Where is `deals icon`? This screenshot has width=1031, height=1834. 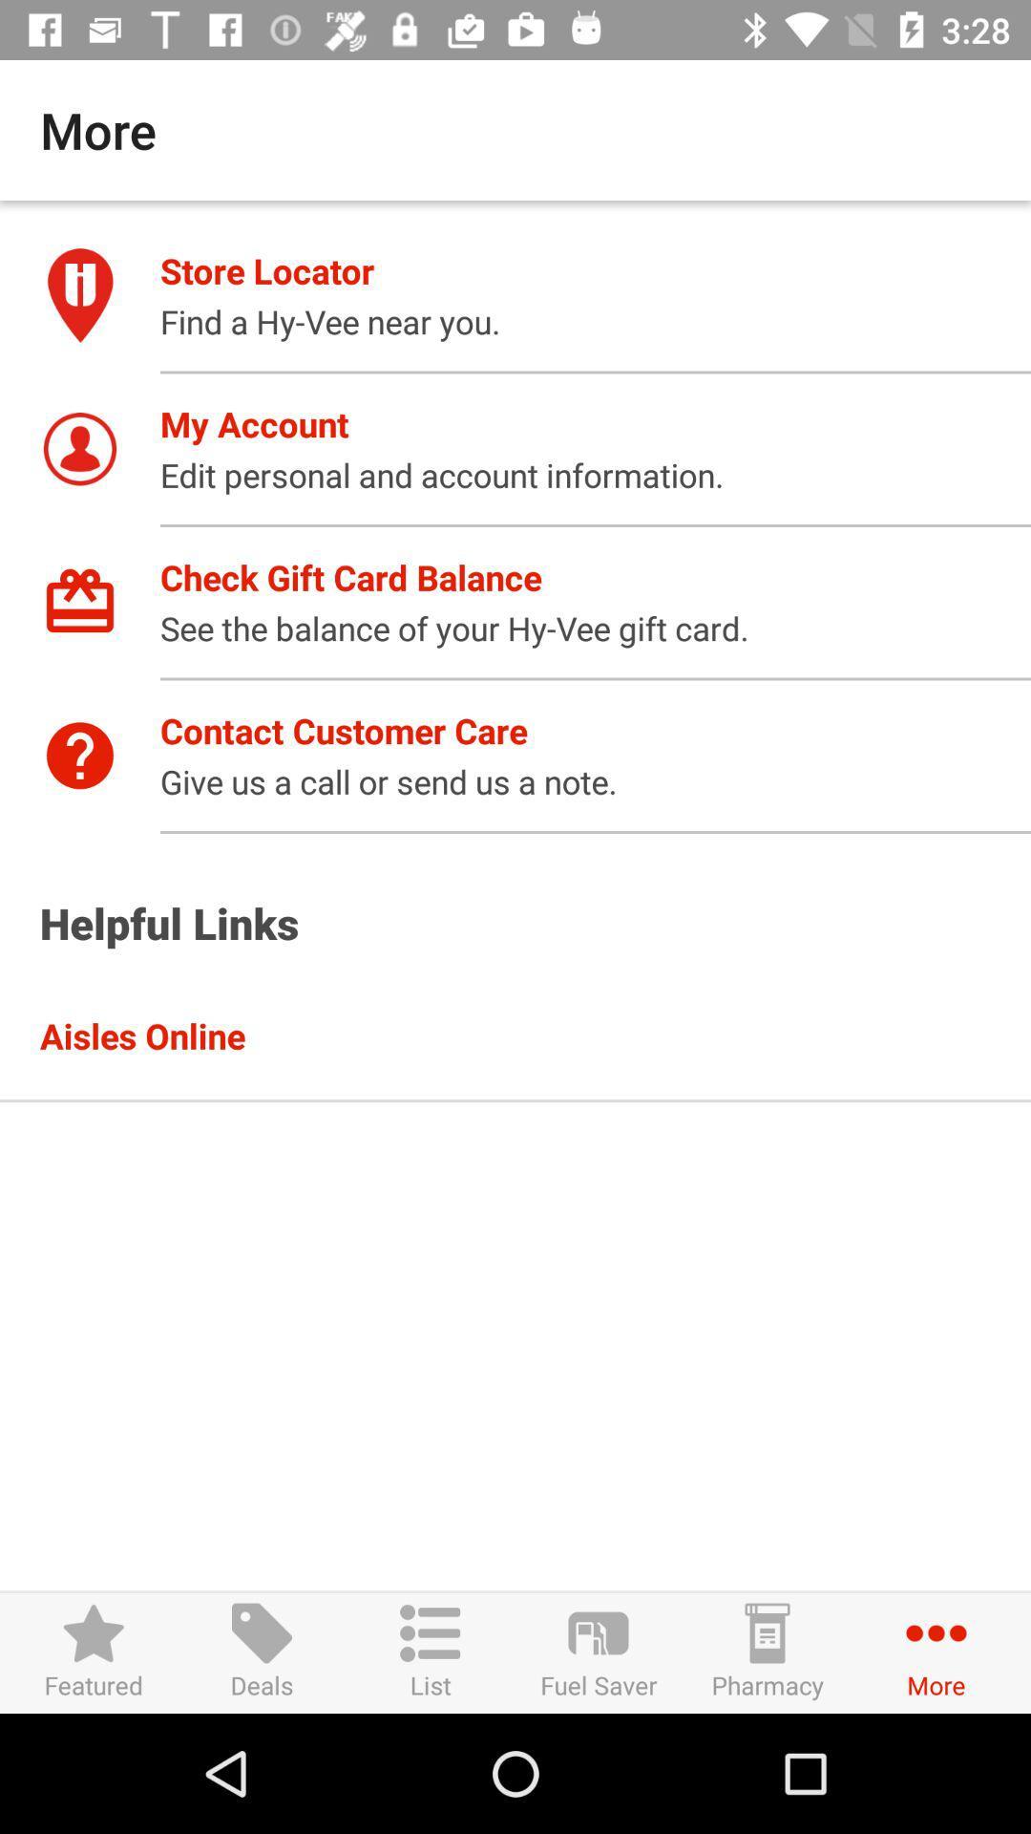 deals icon is located at coordinates (262, 1652).